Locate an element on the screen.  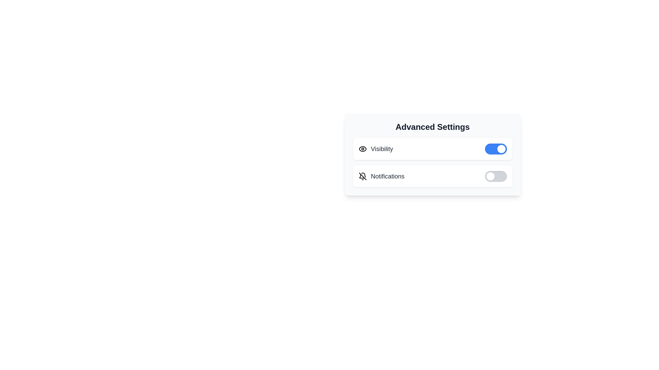
the 'Notifications' switch to toggle its state is located at coordinates (496, 176).